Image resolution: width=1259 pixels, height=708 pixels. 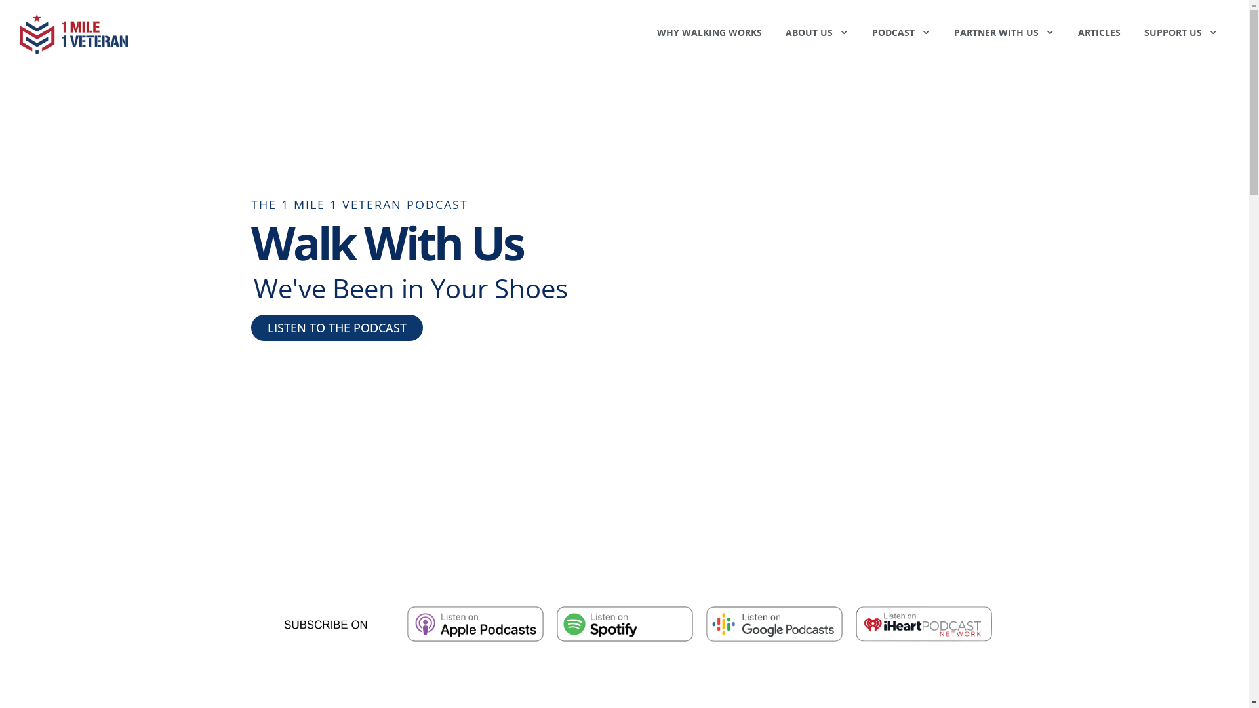 I want to click on 'ARTICLES', so click(x=1099, y=32).